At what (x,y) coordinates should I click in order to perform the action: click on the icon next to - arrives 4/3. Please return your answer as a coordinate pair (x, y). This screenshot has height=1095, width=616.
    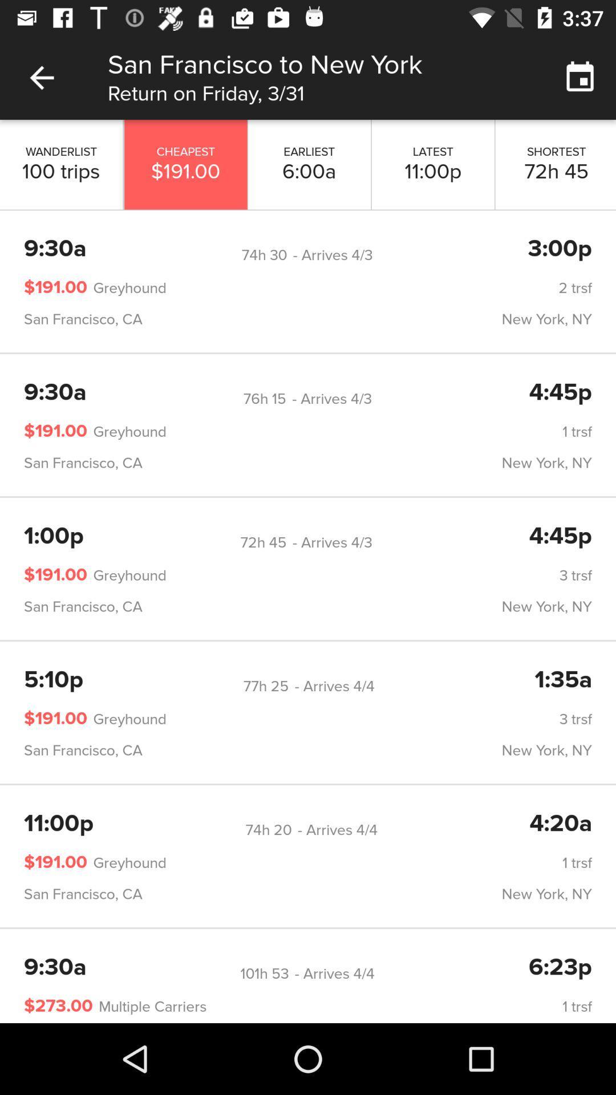
    Looking at the image, I should click on (264, 254).